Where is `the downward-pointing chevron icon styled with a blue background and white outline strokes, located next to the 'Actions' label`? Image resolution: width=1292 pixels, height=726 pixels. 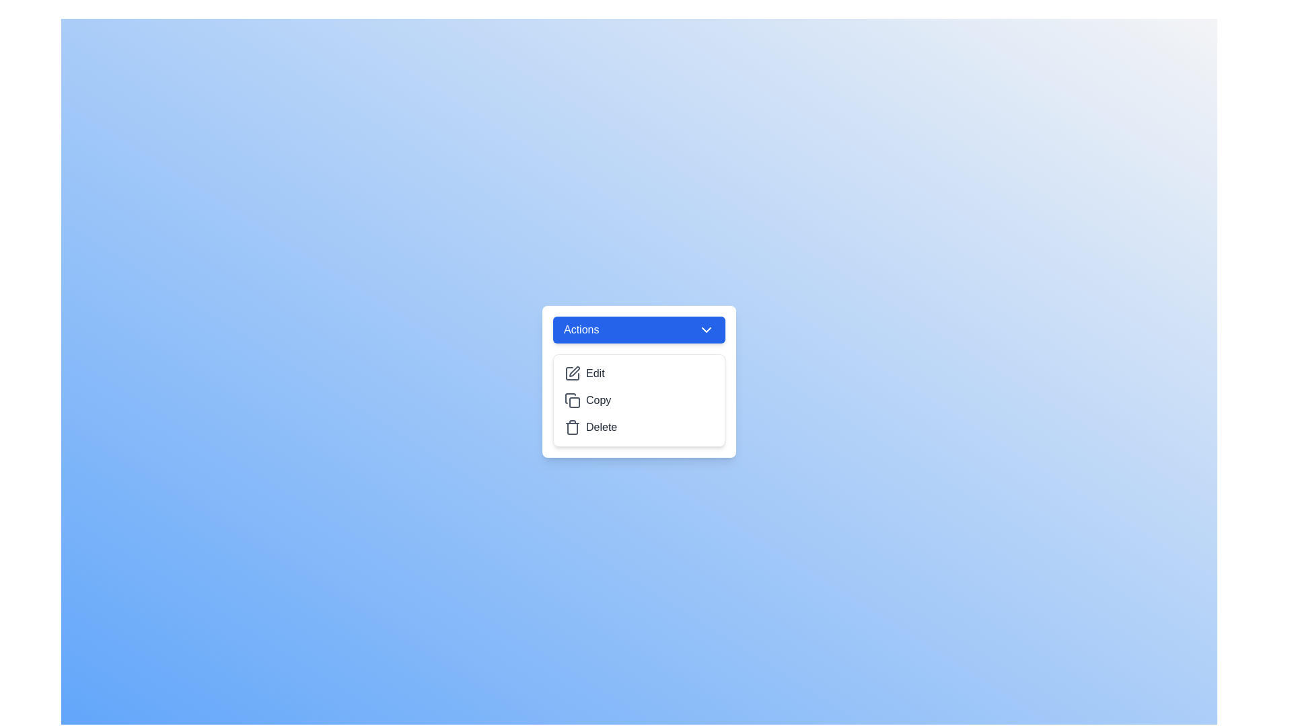
the downward-pointing chevron icon styled with a blue background and white outline strokes, located next to the 'Actions' label is located at coordinates (706, 329).